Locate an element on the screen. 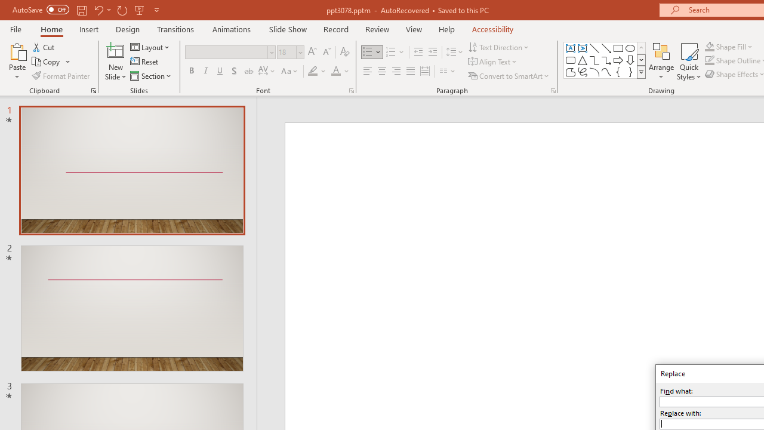 The width and height of the screenshot is (764, 430). 'New Slide' is located at coordinates (115, 62).